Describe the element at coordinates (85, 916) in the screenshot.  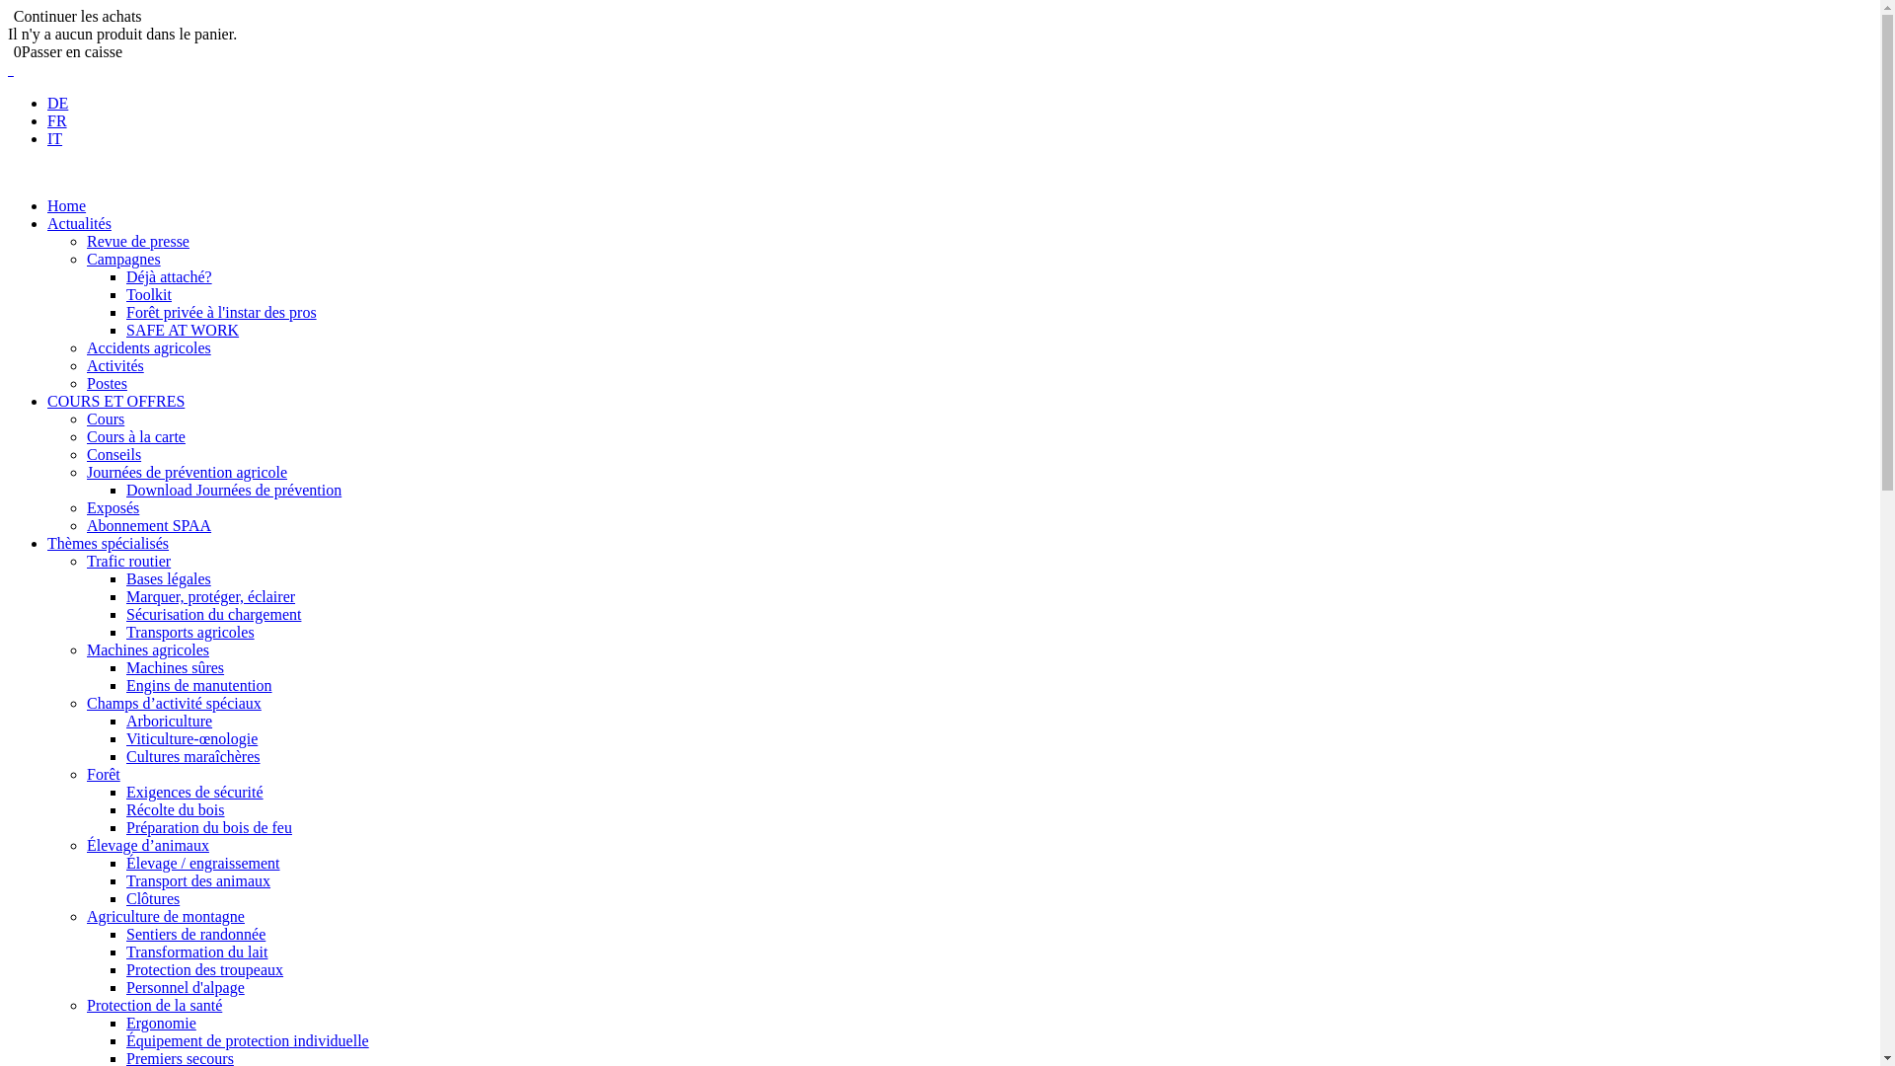
I see `'Agriculture de montagne'` at that location.